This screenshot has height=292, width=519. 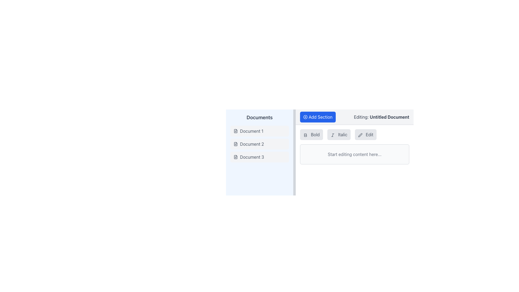 I want to click on the edit action icon located near the top-right corner of the text editor section, so click(x=360, y=135).